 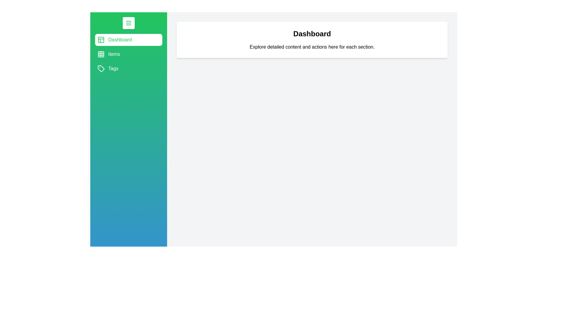 What do you see at coordinates (128, 54) in the screenshot?
I see `the section Items to select it` at bounding box center [128, 54].